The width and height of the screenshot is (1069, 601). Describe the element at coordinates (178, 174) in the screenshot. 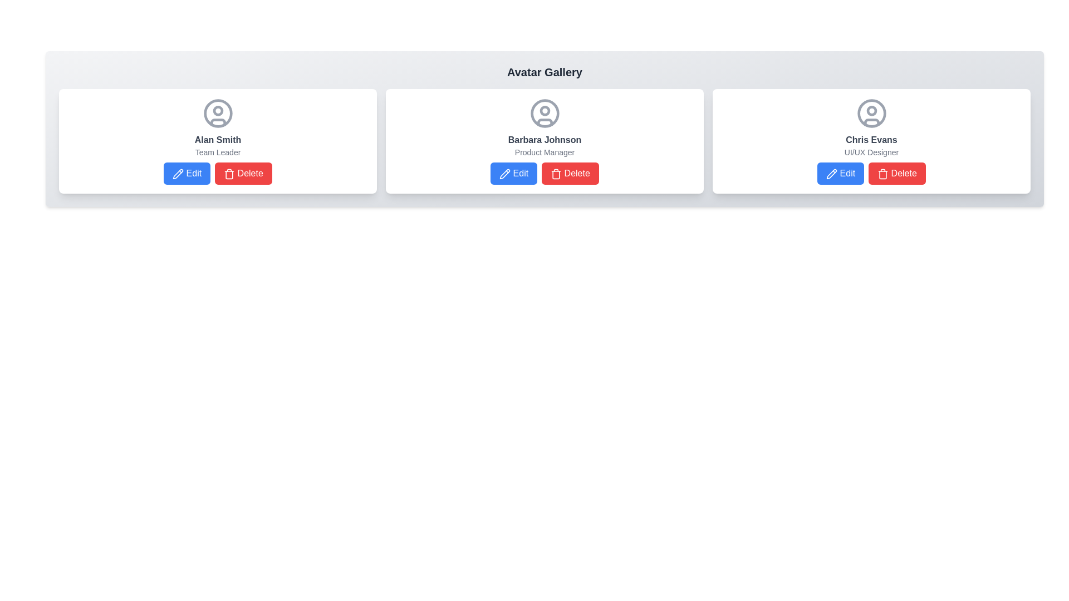

I see `the edit icon represented by a pen or pencil located within the 'Edit' button beneath 'Alan Smith'` at that location.